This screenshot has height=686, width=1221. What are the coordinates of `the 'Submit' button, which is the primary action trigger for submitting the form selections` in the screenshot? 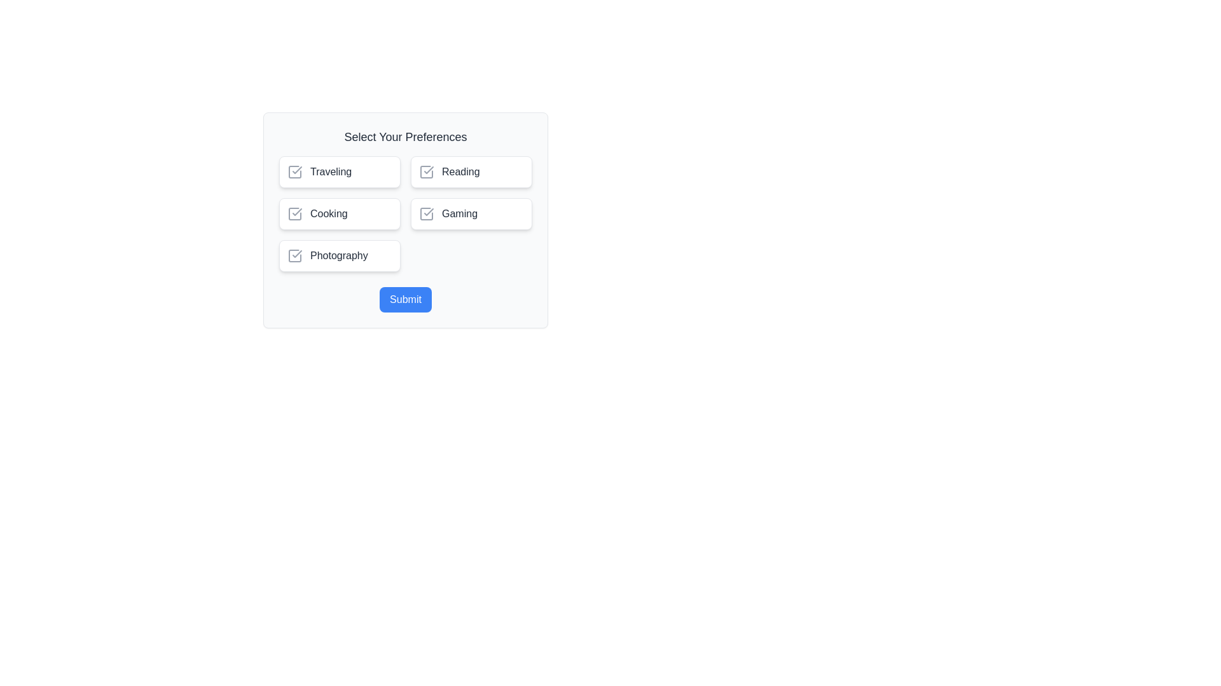 It's located at (405, 299).